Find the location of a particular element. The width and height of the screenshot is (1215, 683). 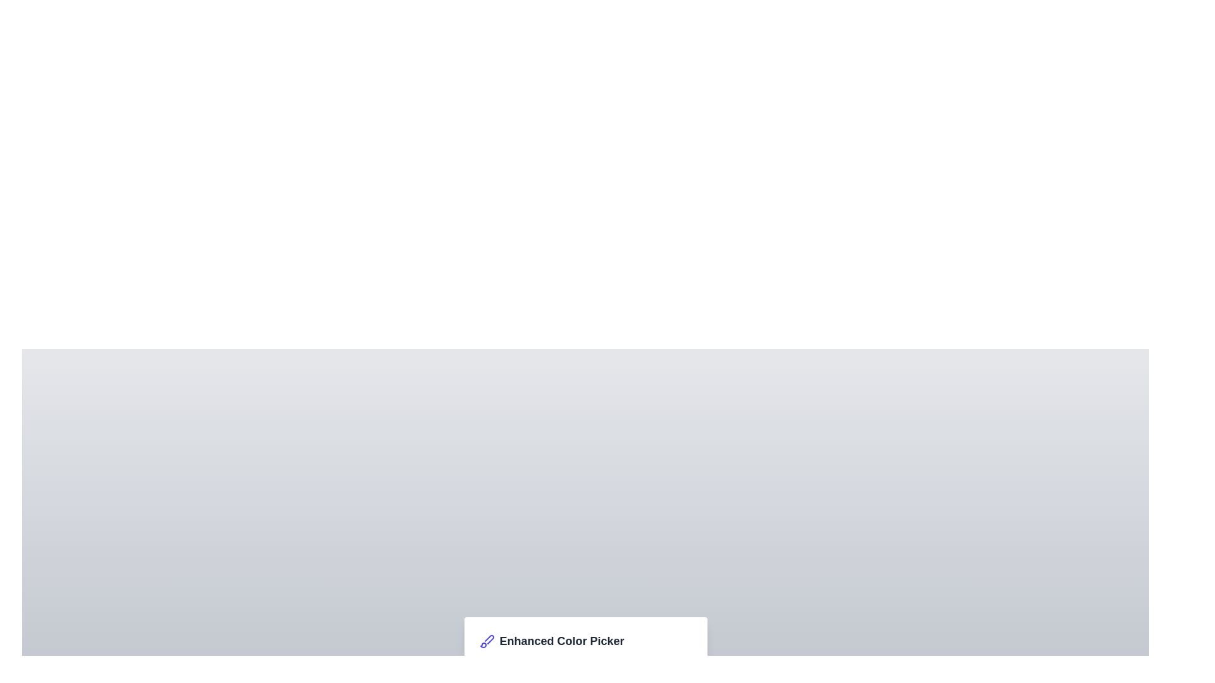

the title label for the color picker functionalities located near the bottom center of the interface, positioned to the right of a color brush icon is located at coordinates (561, 641).